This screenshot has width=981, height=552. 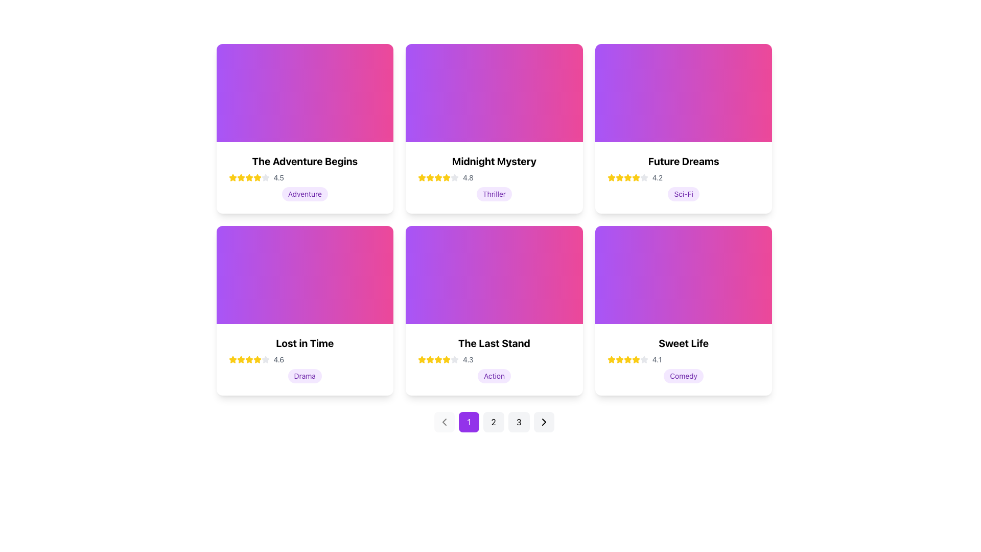 What do you see at coordinates (249, 359) in the screenshot?
I see `the yellow star icon representing the second rating for the movie 'Lost in Time', which is filled and located in the second row, first column` at bounding box center [249, 359].